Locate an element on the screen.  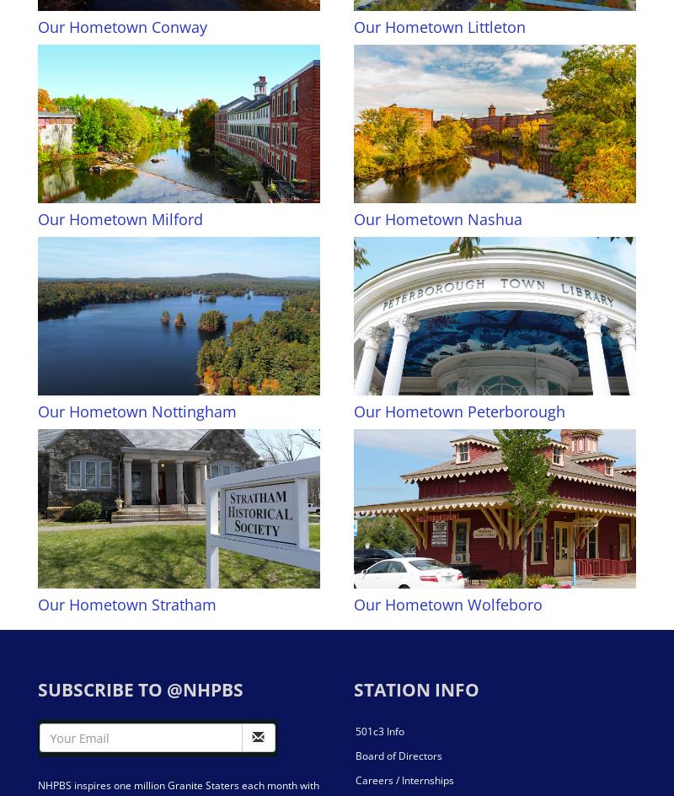
'Our Hometown Peterborough' is located at coordinates (459, 411).